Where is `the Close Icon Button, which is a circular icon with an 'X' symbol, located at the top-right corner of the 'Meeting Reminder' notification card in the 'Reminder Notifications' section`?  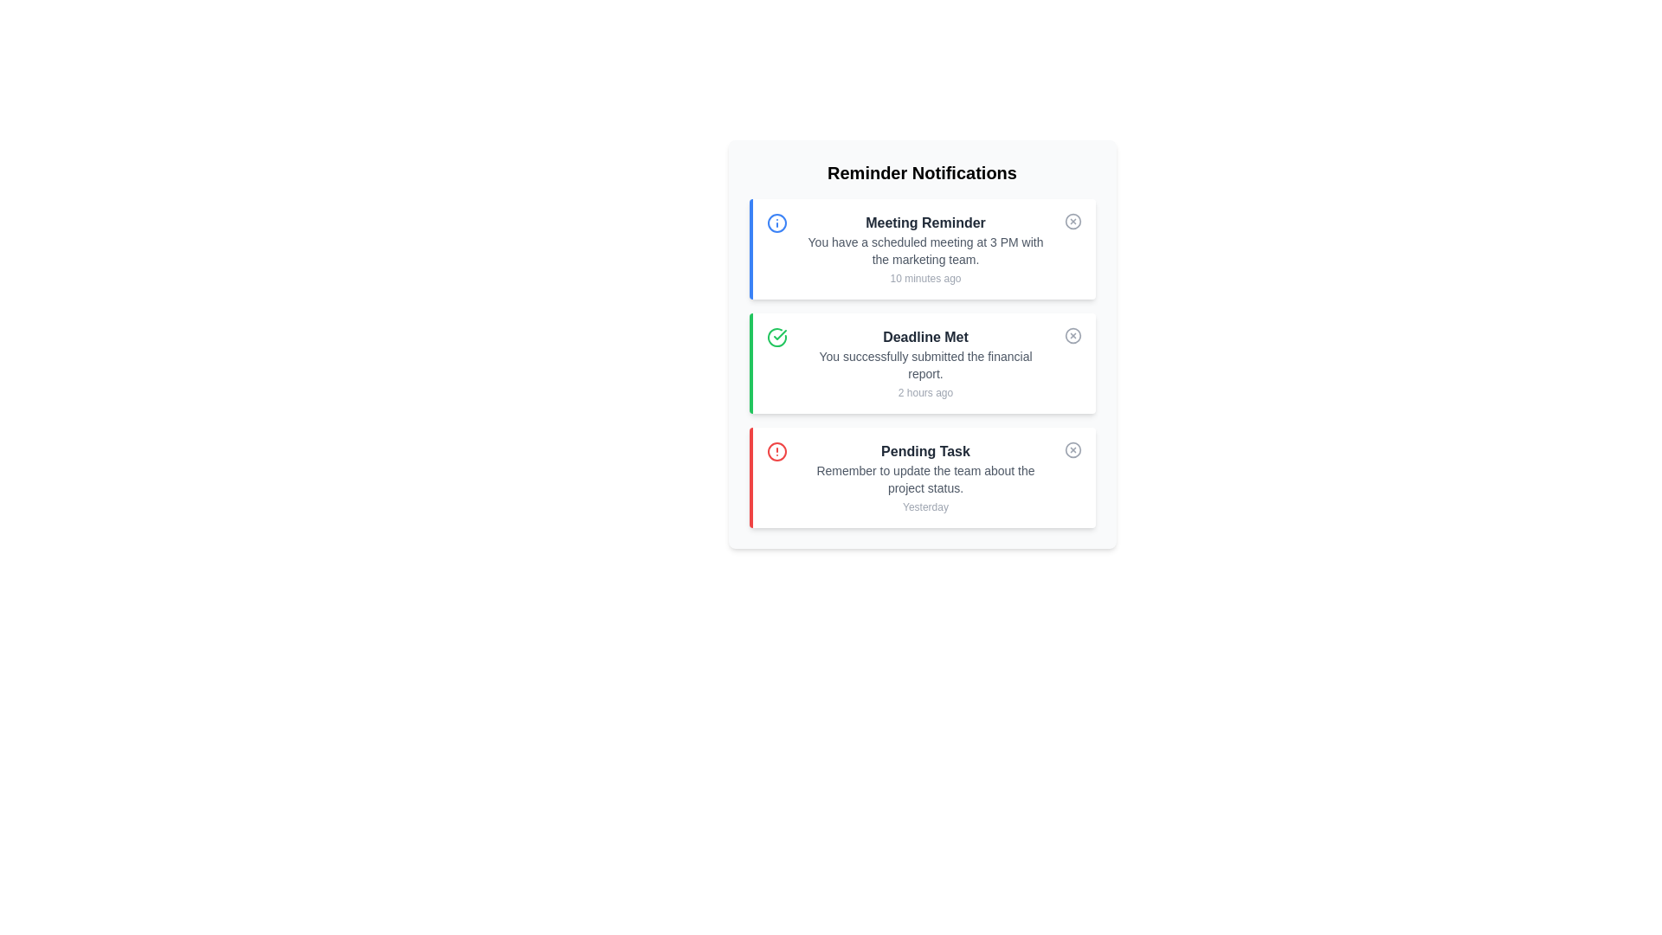 the Close Icon Button, which is a circular icon with an 'X' symbol, located at the top-right corner of the 'Meeting Reminder' notification card in the 'Reminder Notifications' section is located at coordinates (1072, 220).